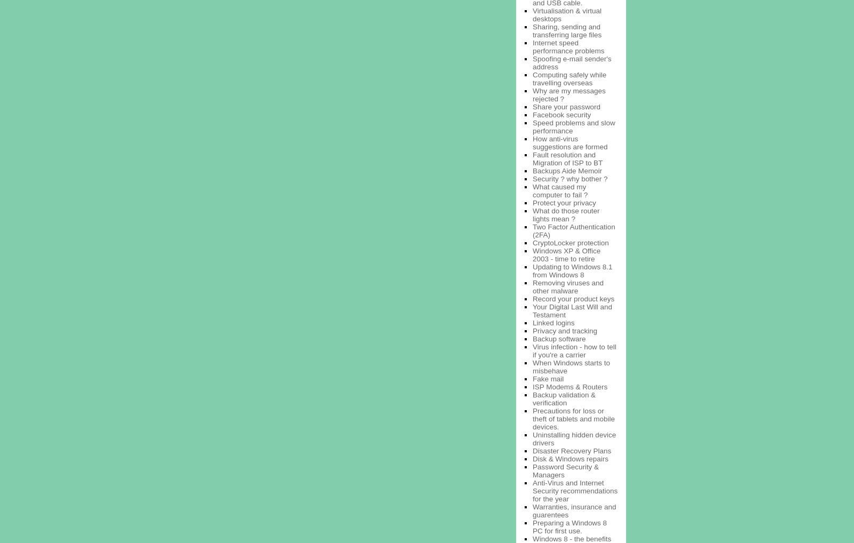  I want to click on 'Updating to Windows 8.1 from Windows 8', so click(572, 270).